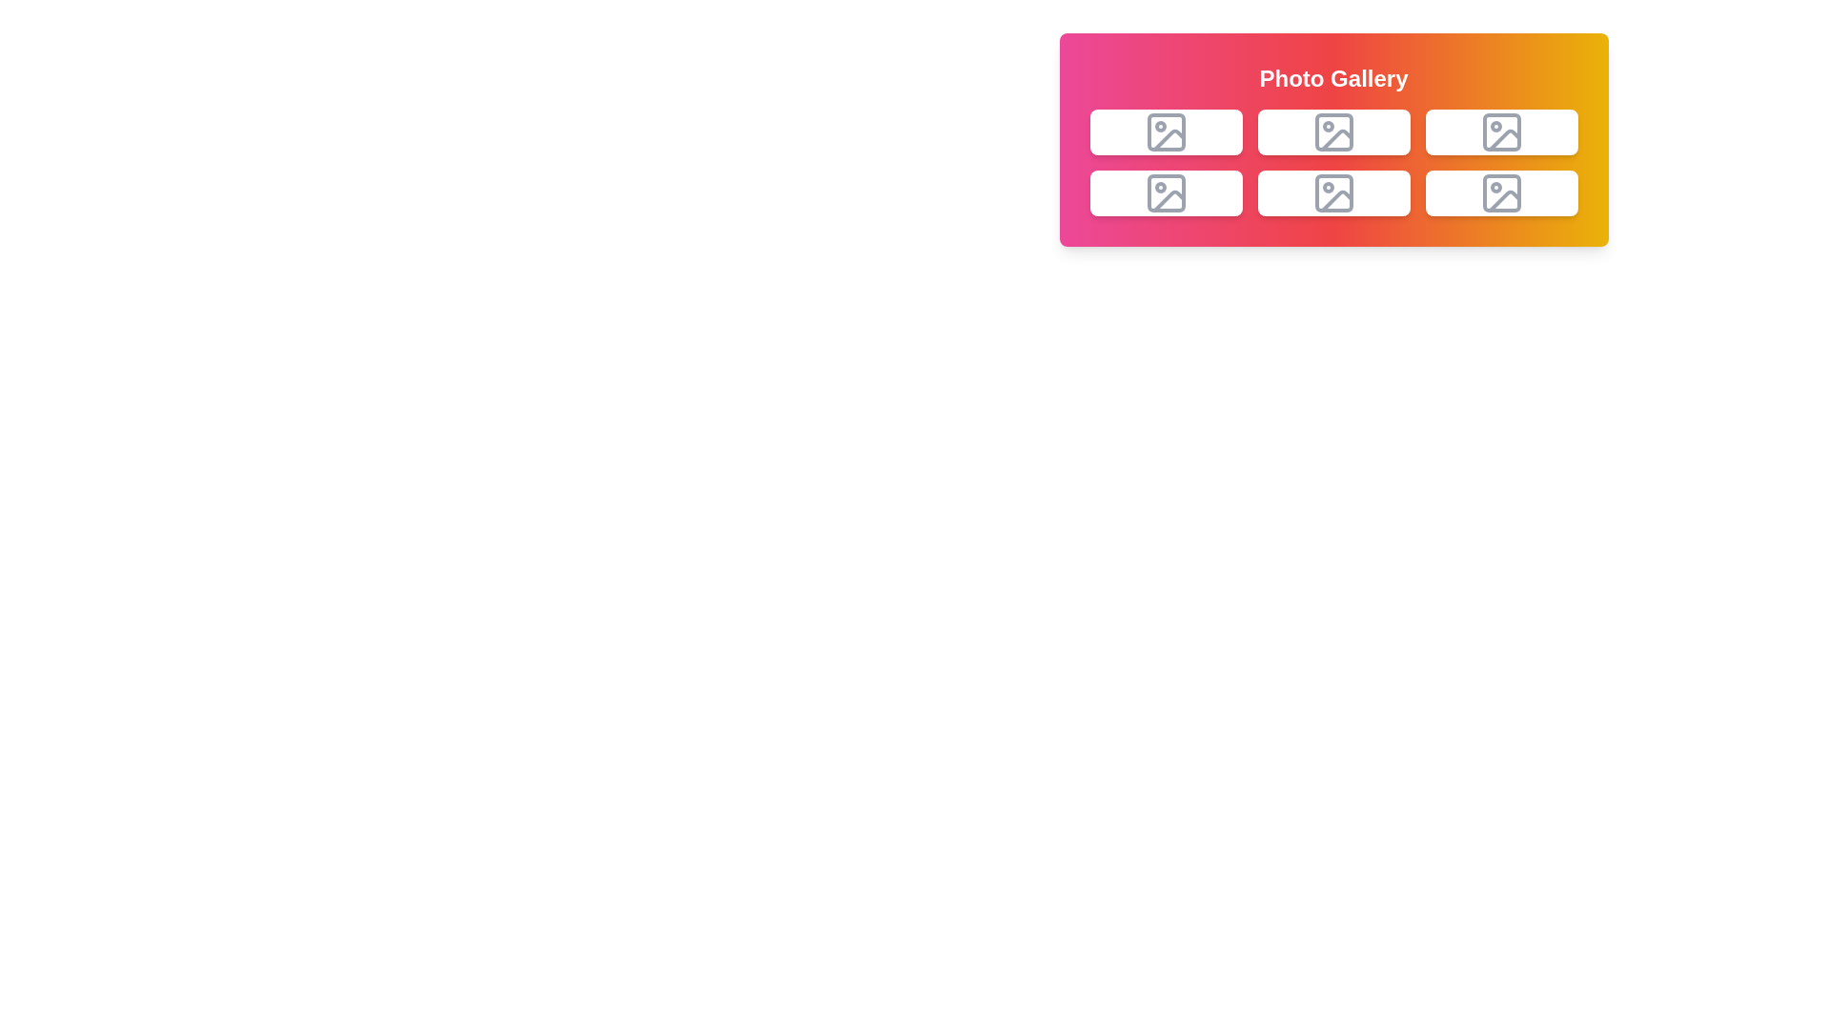  What do you see at coordinates (1475, 131) in the screenshot?
I see `the visibility toggle button with an eye icon located in the second column of the right section` at bounding box center [1475, 131].